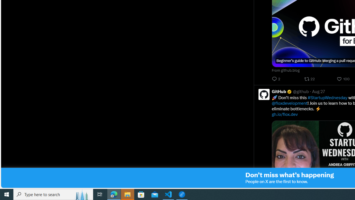 This screenshot has width=355, height=200. Describe the element at coordinates (300, 91) in the screenshot. I see `'@github'` at that location.